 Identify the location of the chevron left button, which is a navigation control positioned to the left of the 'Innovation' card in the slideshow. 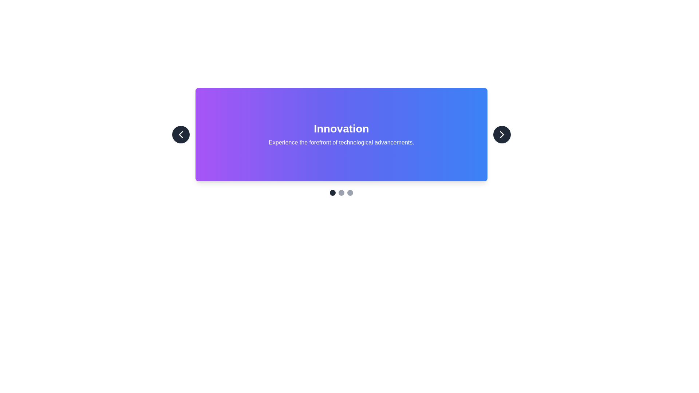
(181, 135).